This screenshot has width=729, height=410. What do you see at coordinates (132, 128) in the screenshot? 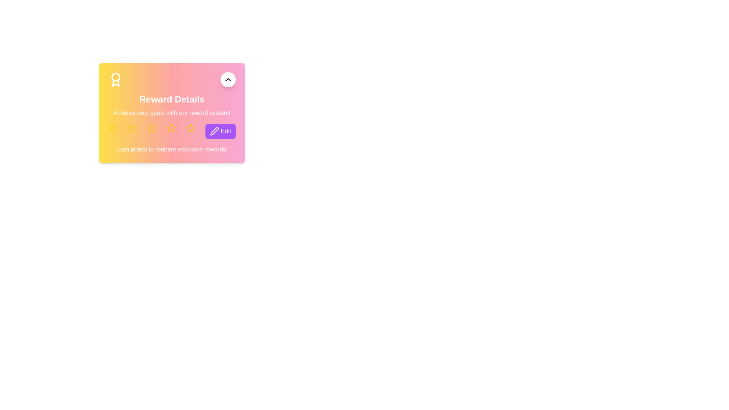
I see `the second yellow star icon in the 'Reward Details' section, which serves as a visual indicator for rating` at bounding box center [132, 128].